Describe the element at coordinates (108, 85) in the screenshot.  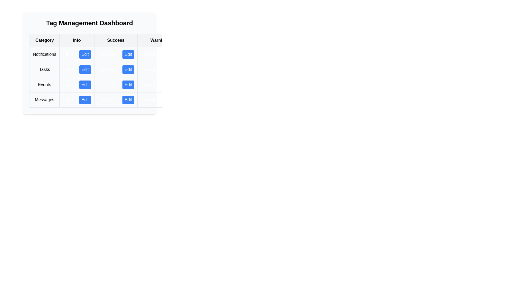
I see `the content of the rounded rectangular badge labeled 'success' with a green background and white text, located in the middle of the 'Success' column in the 'Events' row of the table` at that location.